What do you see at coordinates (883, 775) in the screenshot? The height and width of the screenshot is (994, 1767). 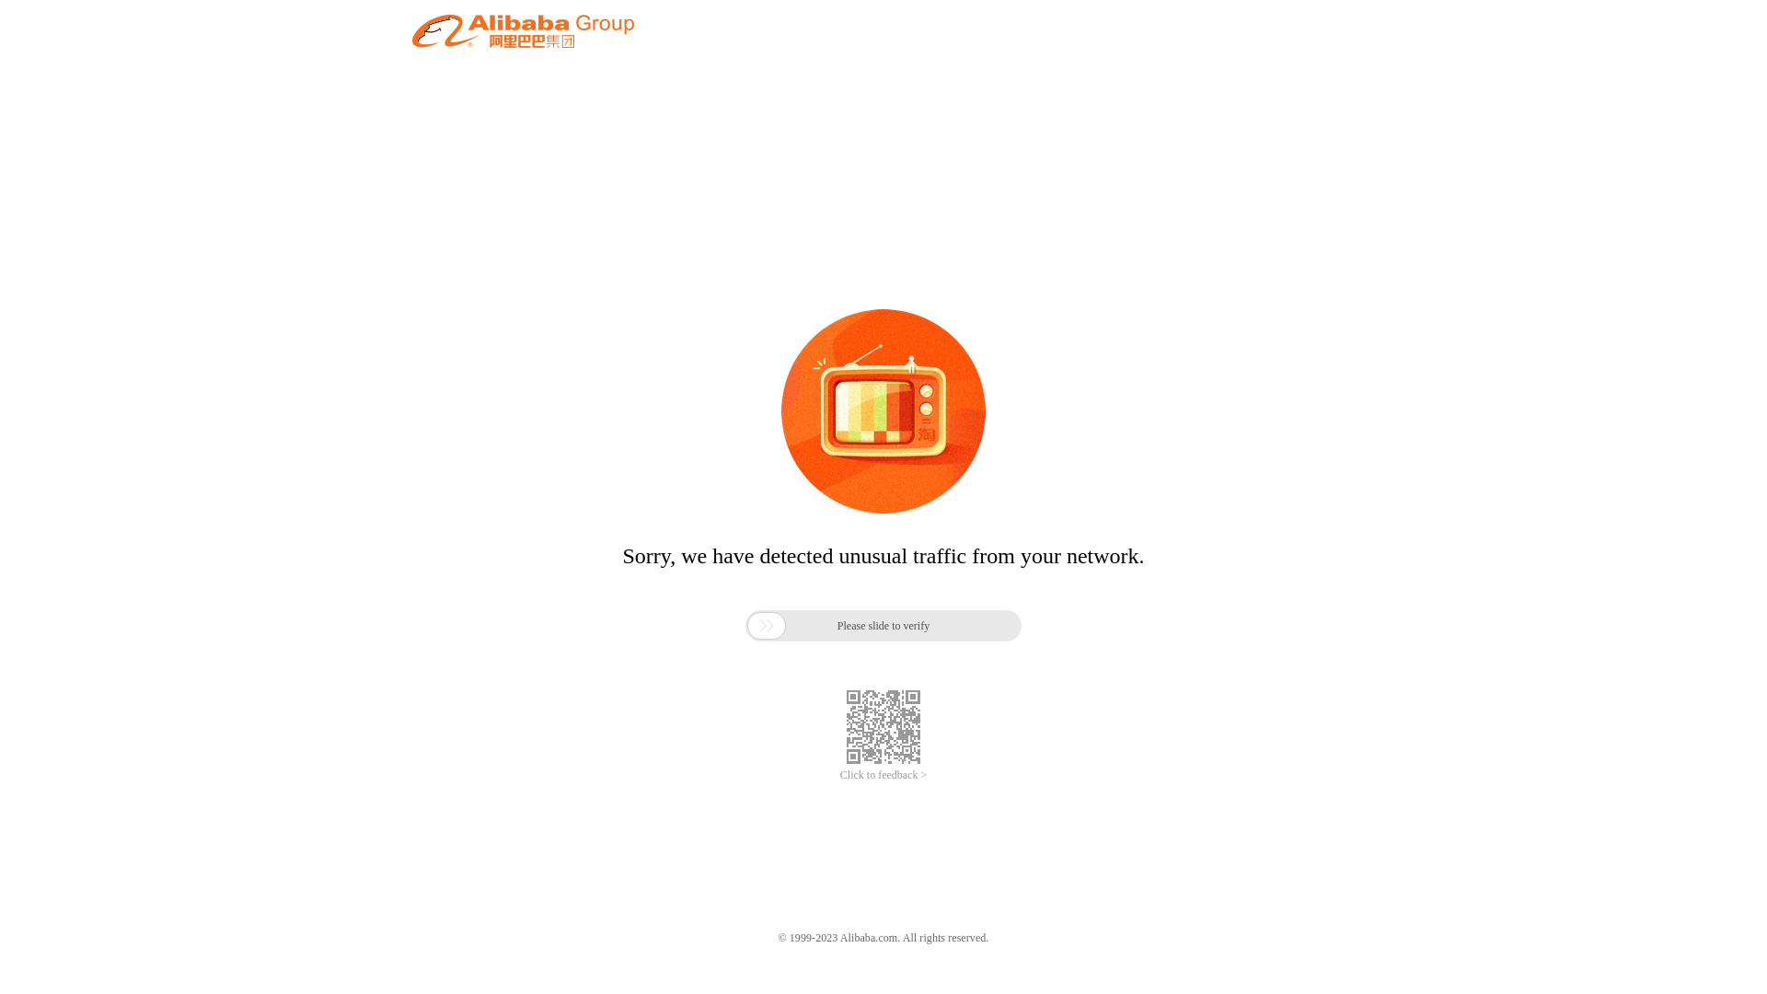 I see `'Click to feedback >'` at bounding box center [883, 775].